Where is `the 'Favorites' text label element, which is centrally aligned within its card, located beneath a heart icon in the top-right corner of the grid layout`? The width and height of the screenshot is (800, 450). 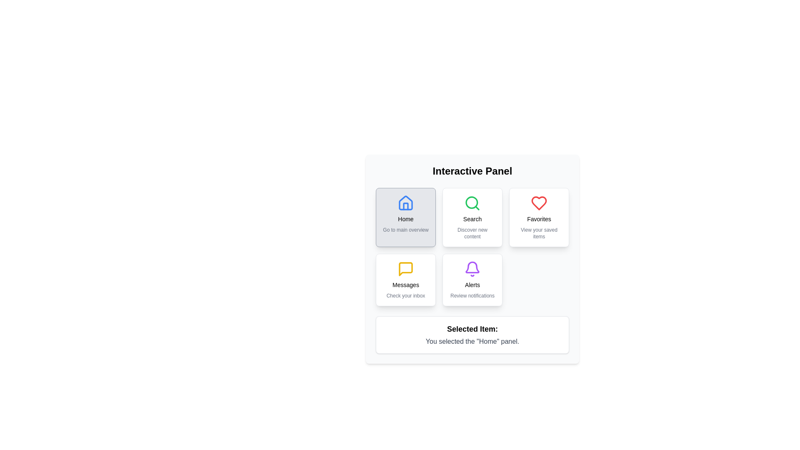 the 'Favorites' text label element, which is centrally aligned within its card, located beneath a heart icon in the top-right corner of the grid layout is located at coordinates (539, 218).